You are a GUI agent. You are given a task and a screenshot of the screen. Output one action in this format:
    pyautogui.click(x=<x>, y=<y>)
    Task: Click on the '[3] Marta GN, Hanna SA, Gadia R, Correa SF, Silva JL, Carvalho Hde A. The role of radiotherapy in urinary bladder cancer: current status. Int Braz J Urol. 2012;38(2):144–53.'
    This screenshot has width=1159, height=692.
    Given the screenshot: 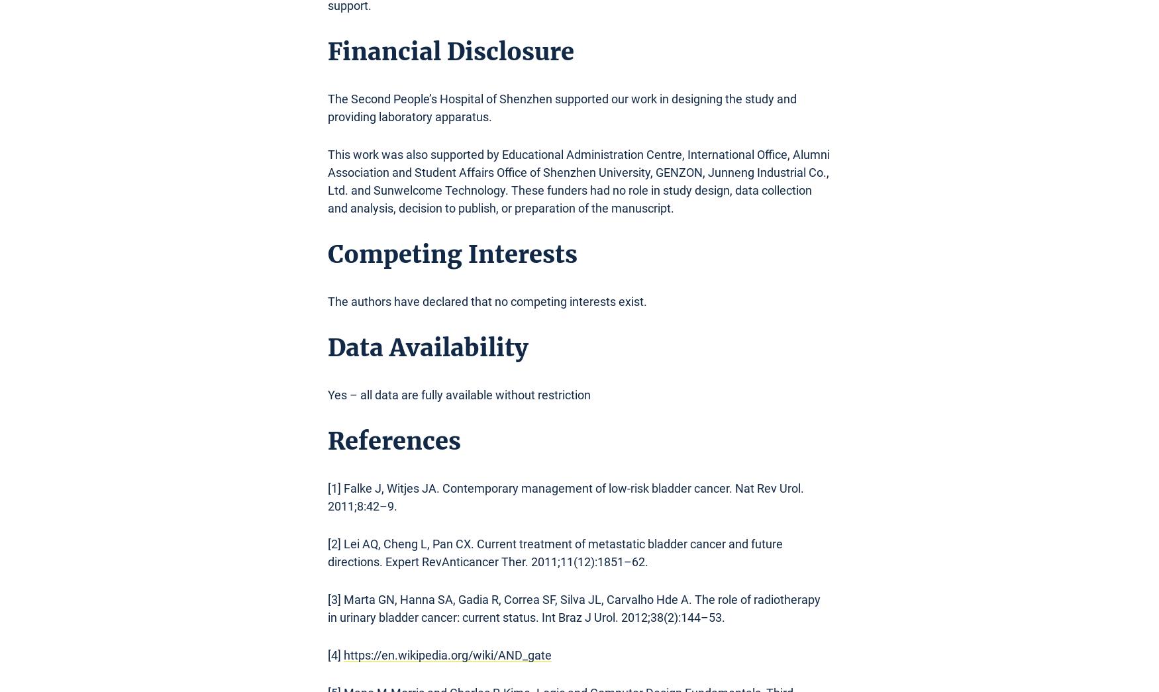 What is the action you would take?
    pyautogui.click(x=574, y=608)
    